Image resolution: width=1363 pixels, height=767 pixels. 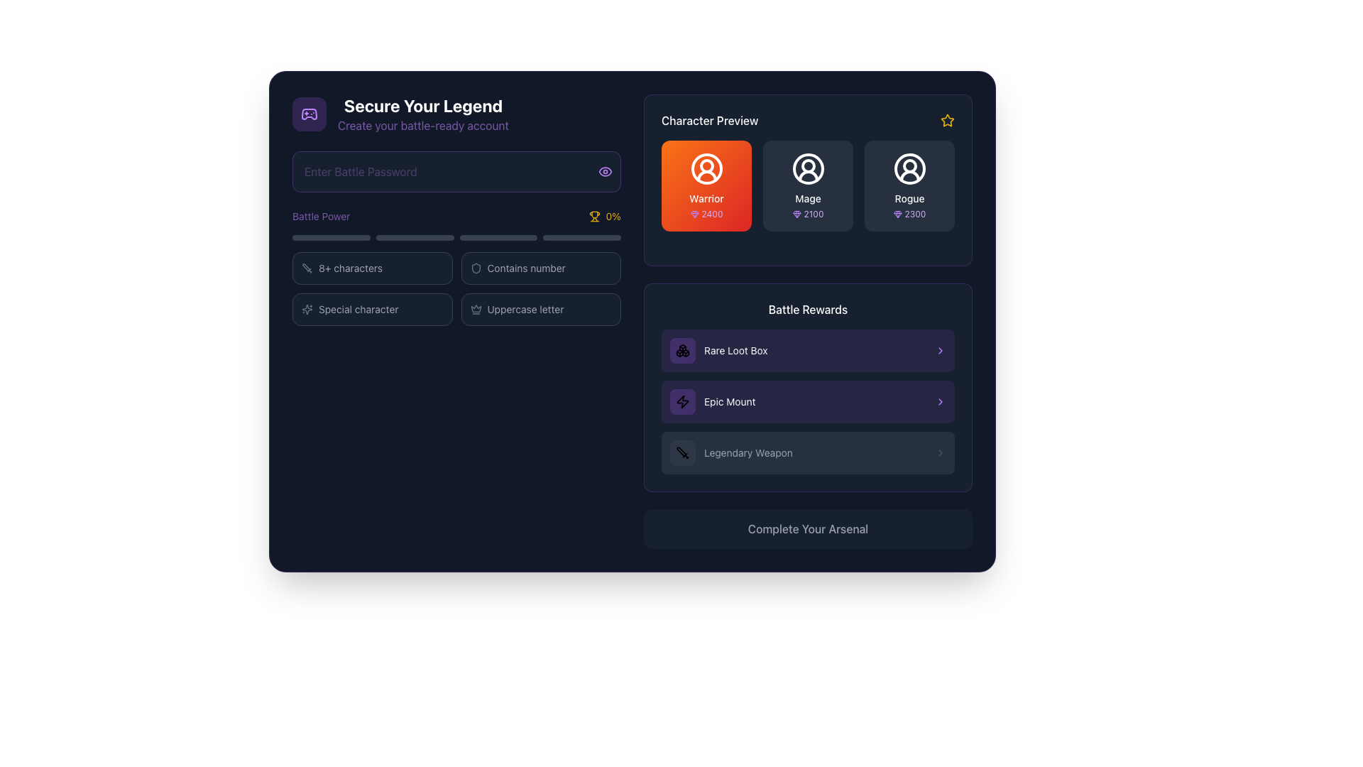 What do you see at coordinates (372, 268) in the screenshot?
I see `the Label with icon that features a key-shaped icon and the text '8+ characters' in gray font, located in the 'Battle Power' section, positioned above 'Special character'` at bounding box center [372, 268].